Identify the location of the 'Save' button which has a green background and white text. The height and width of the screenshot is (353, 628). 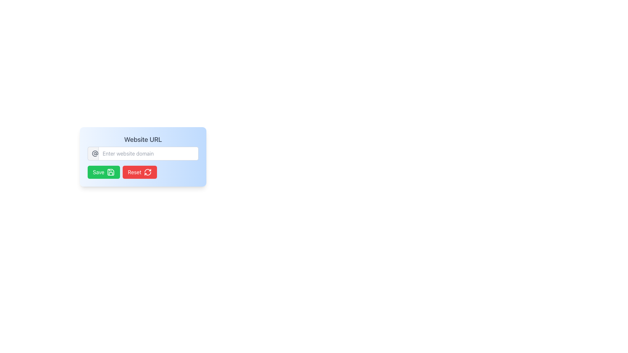
(103, 172).